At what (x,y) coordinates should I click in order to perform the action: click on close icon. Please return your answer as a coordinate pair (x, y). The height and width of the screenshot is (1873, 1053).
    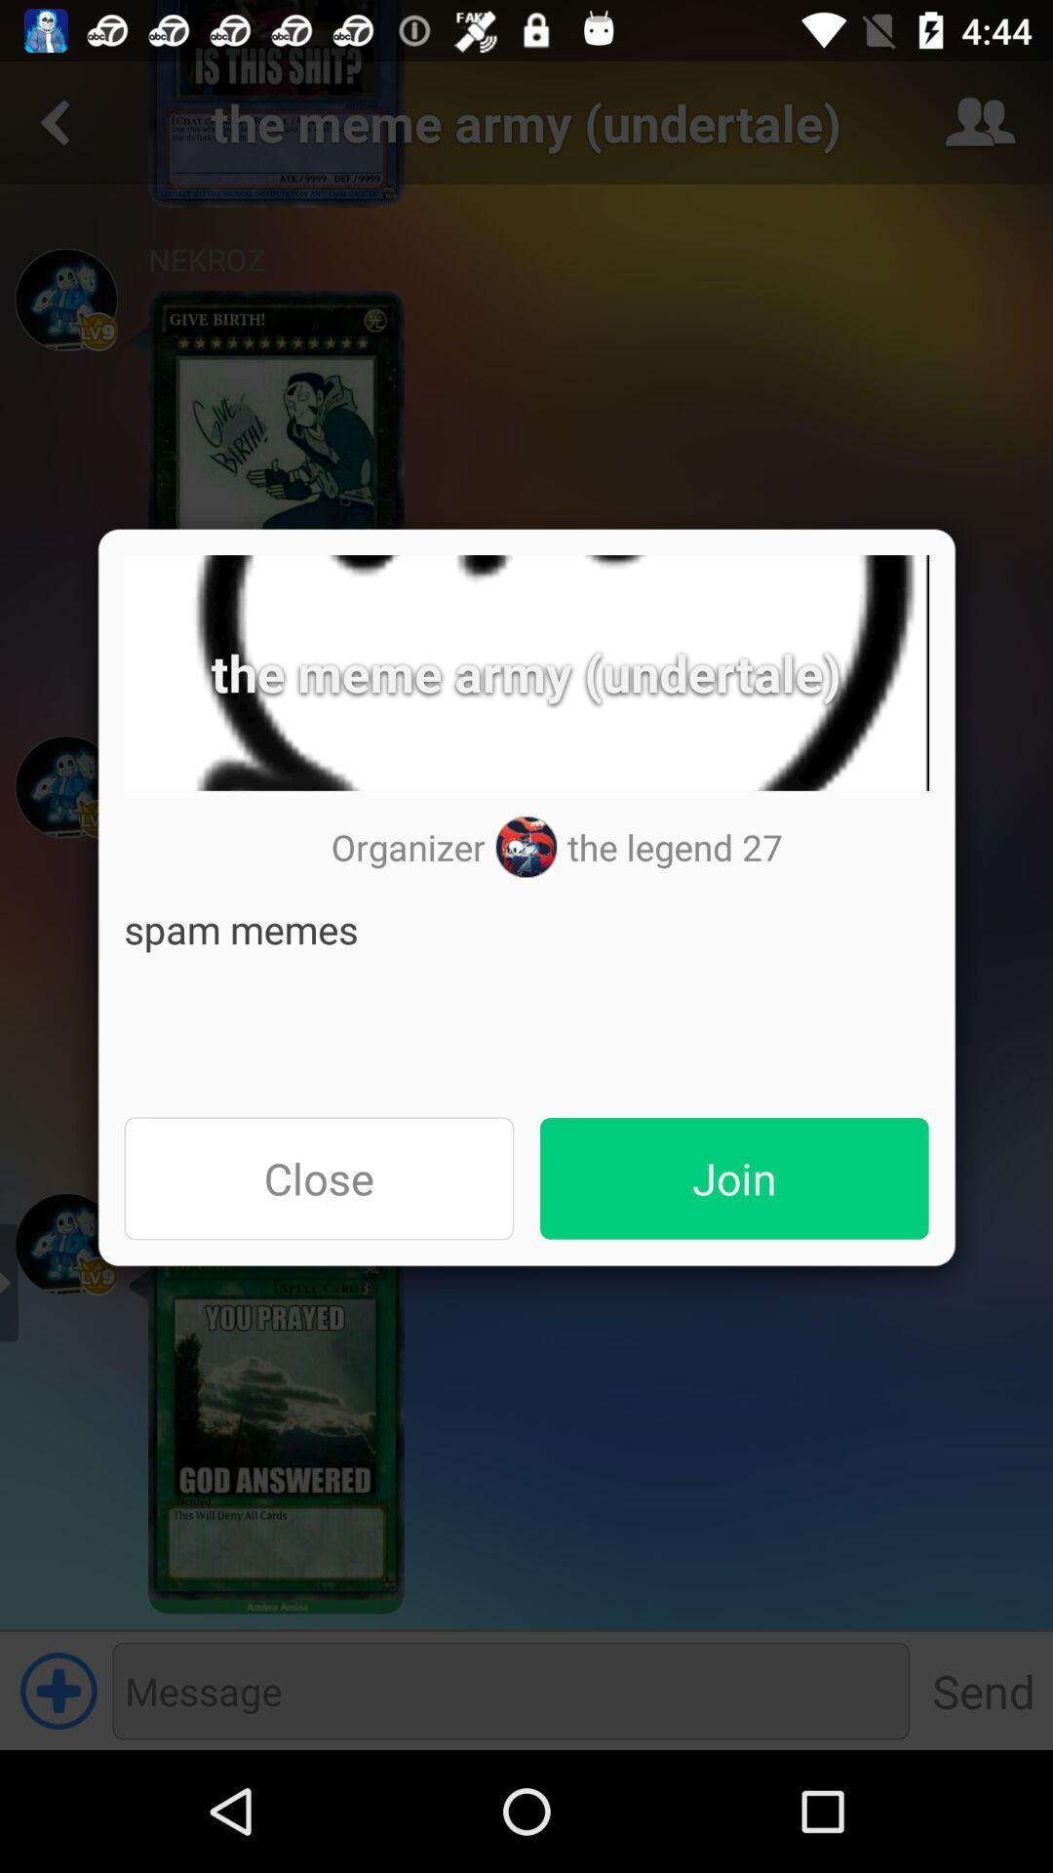
    Looking at the image, I should click on (318, 1177).